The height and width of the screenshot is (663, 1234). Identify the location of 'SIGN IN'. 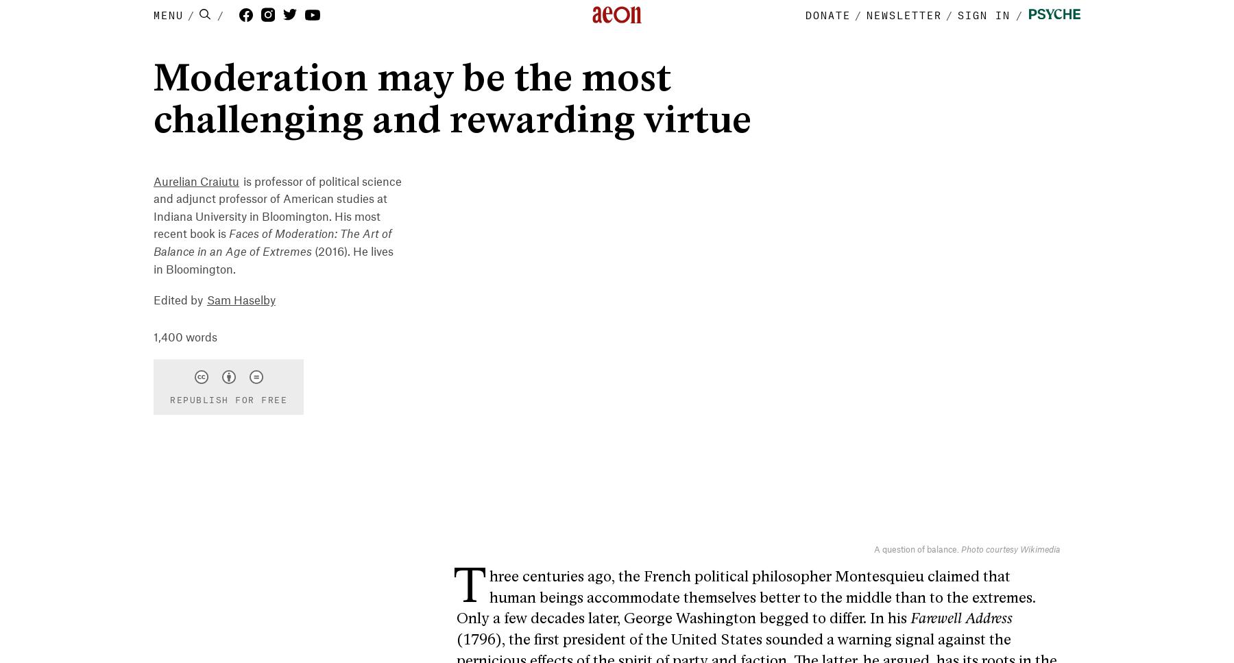
(983, 14).